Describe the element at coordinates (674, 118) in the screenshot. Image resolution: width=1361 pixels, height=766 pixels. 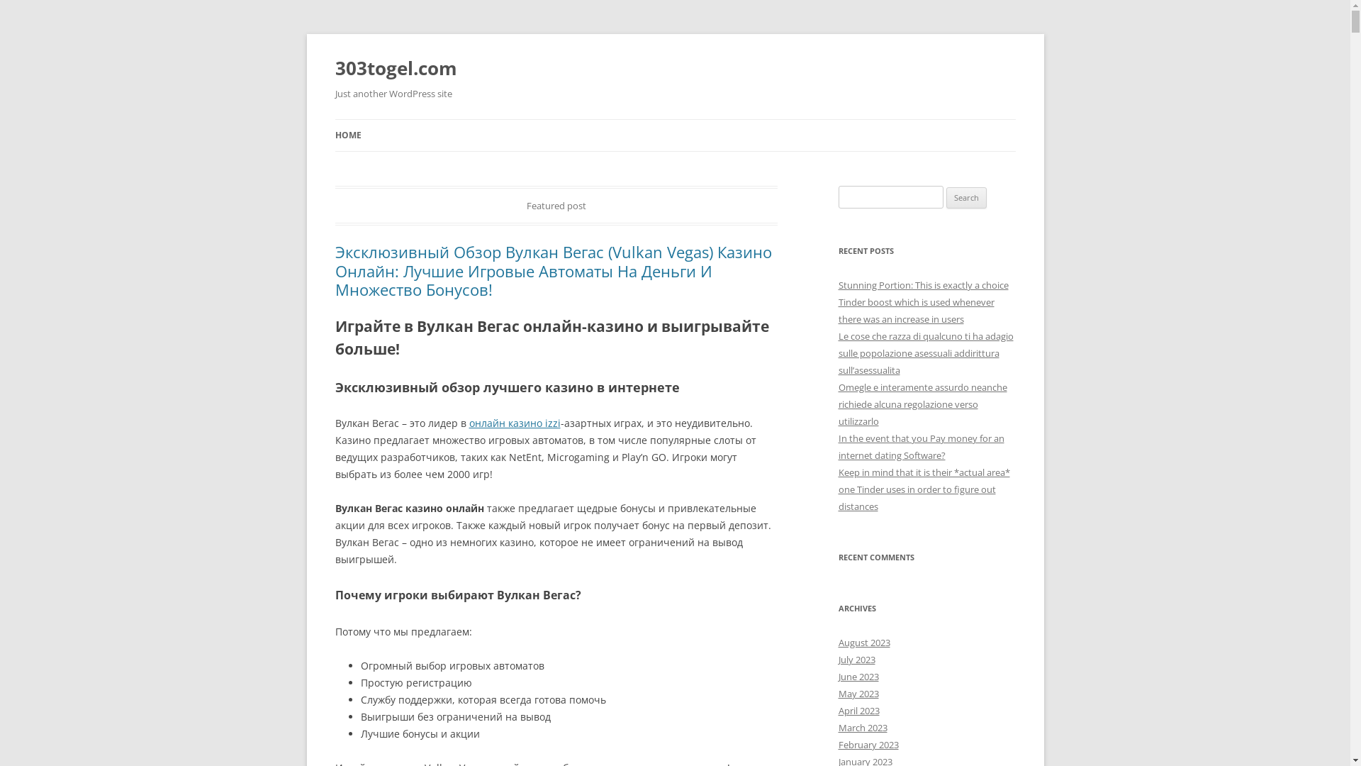
I see `'Skip to content'` at that location.